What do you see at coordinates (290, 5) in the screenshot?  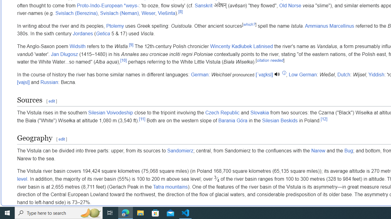 I see `'Old Norse'` at bounding box center [290, 5].